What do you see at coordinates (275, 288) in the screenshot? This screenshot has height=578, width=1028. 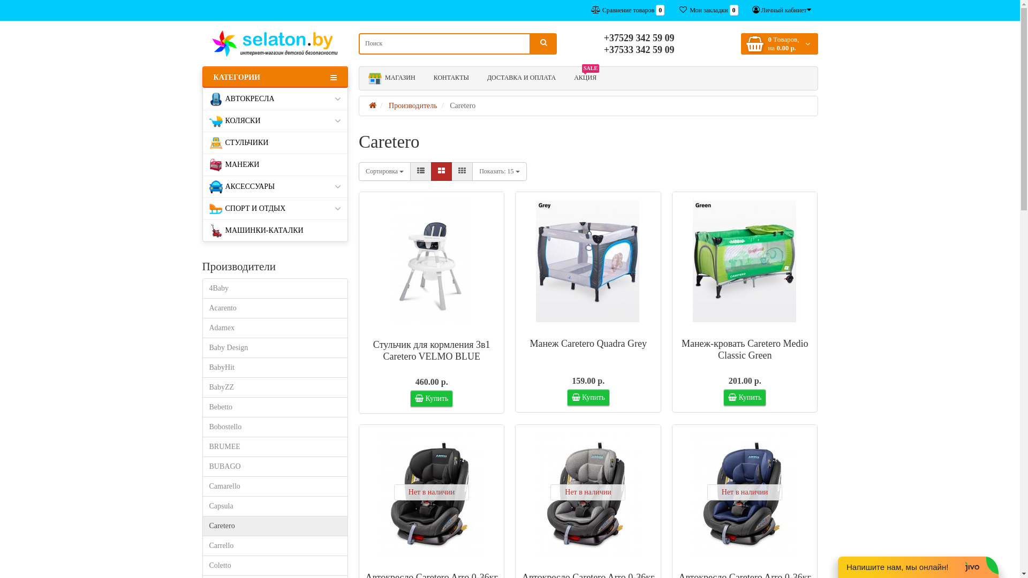 I see `'4Baby'` at bounding box center [275, 288].